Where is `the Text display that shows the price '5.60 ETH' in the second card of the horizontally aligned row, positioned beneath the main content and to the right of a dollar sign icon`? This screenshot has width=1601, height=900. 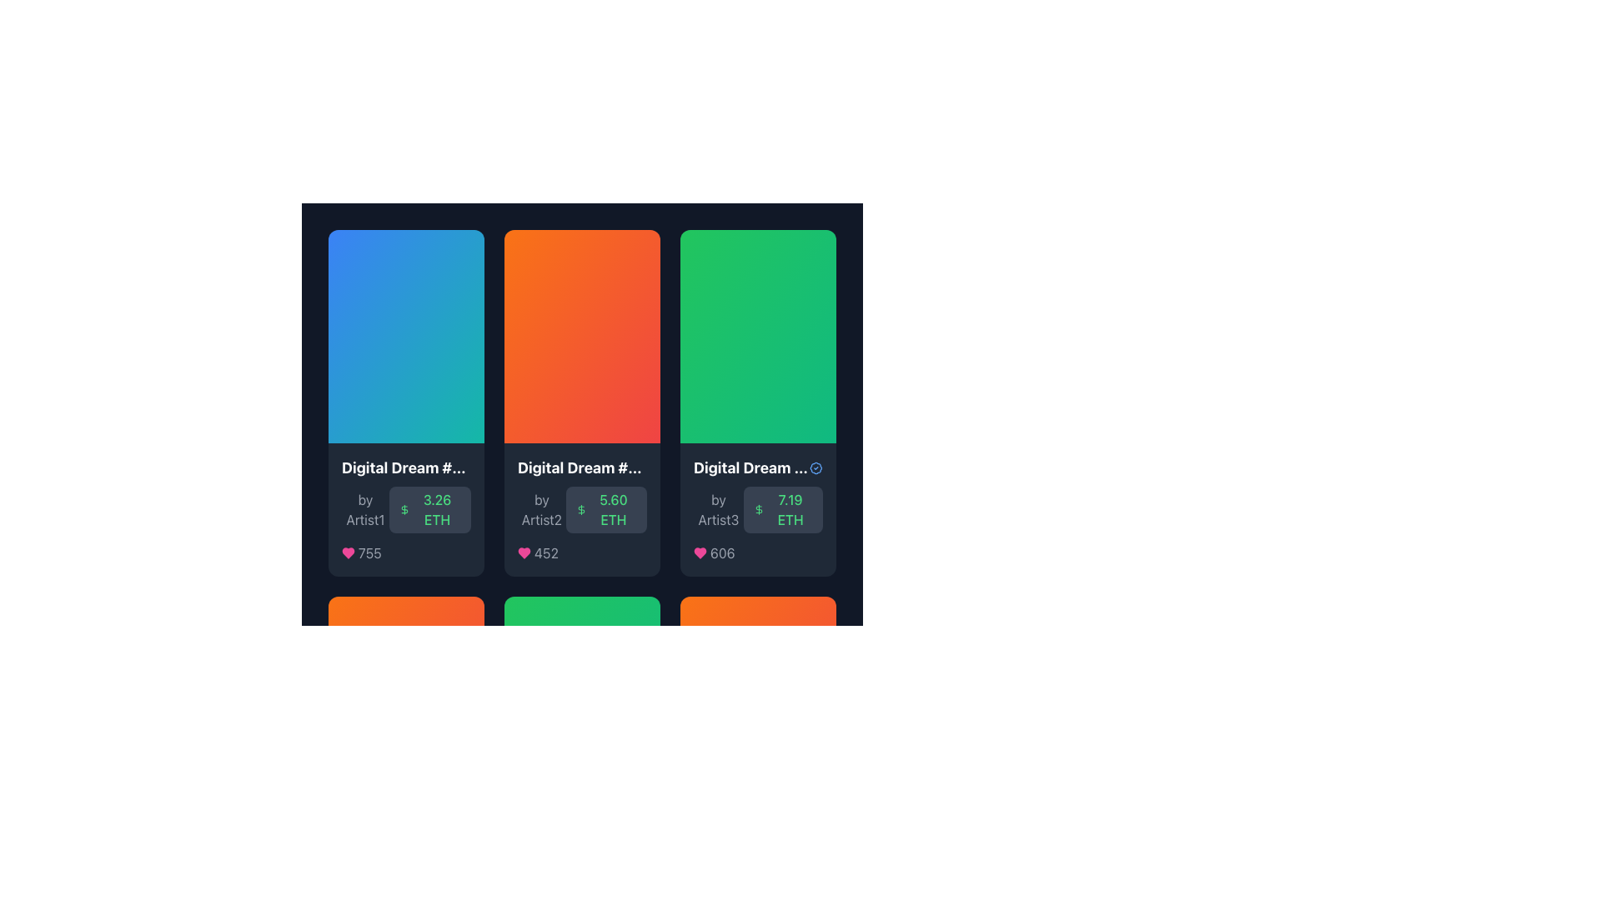 the Text display that shows the price '5.60 ETH' in the second card of the horizontally aligned row, positioned beneath the main content and to the right of a dollar sign icon is located at coordinates (612, 509).